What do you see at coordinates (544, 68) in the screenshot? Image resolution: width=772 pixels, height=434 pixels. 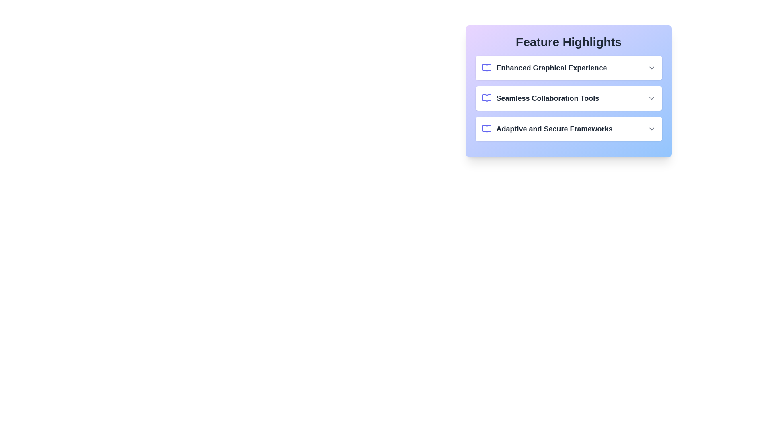 I see `the List item displaying 'Enhanced Graphical Experience' via keyboard navigation` at bounding box center [544, 68].